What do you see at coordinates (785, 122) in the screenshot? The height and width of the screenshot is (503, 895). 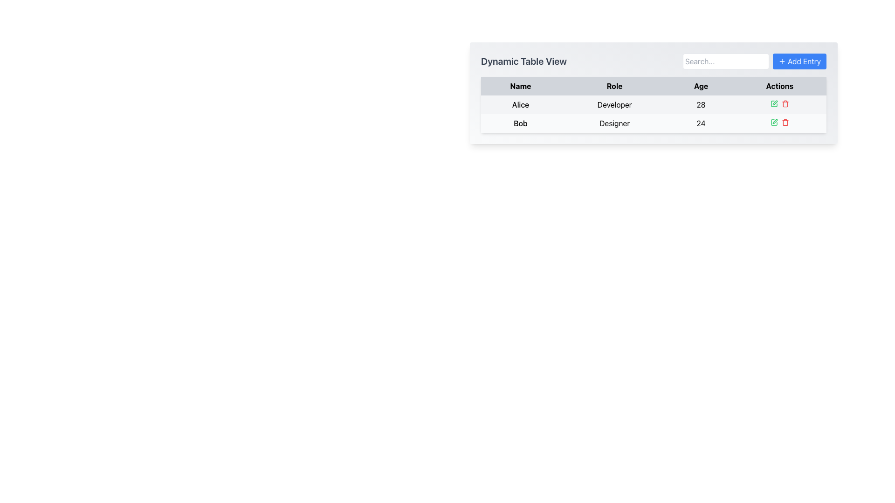 I see `the trash can icon in the 'Actions' column under the 'Designer' row, which is adjacent to the green pencil icon` at bounding box center [785, 122].